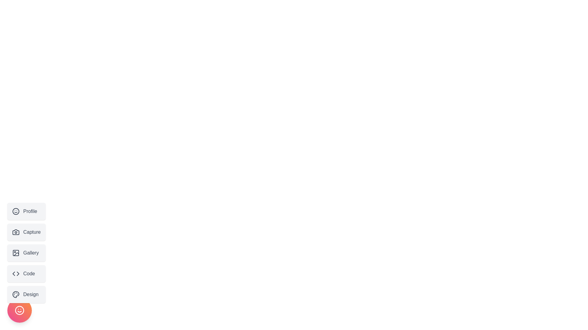 This screenshot has width=588, height=330. Describe the element at coordinates (16, 211) in the screenshot. I see `the circular shape forming the border of the smiley face icon located at the bottom right corner of the interface` at that location.